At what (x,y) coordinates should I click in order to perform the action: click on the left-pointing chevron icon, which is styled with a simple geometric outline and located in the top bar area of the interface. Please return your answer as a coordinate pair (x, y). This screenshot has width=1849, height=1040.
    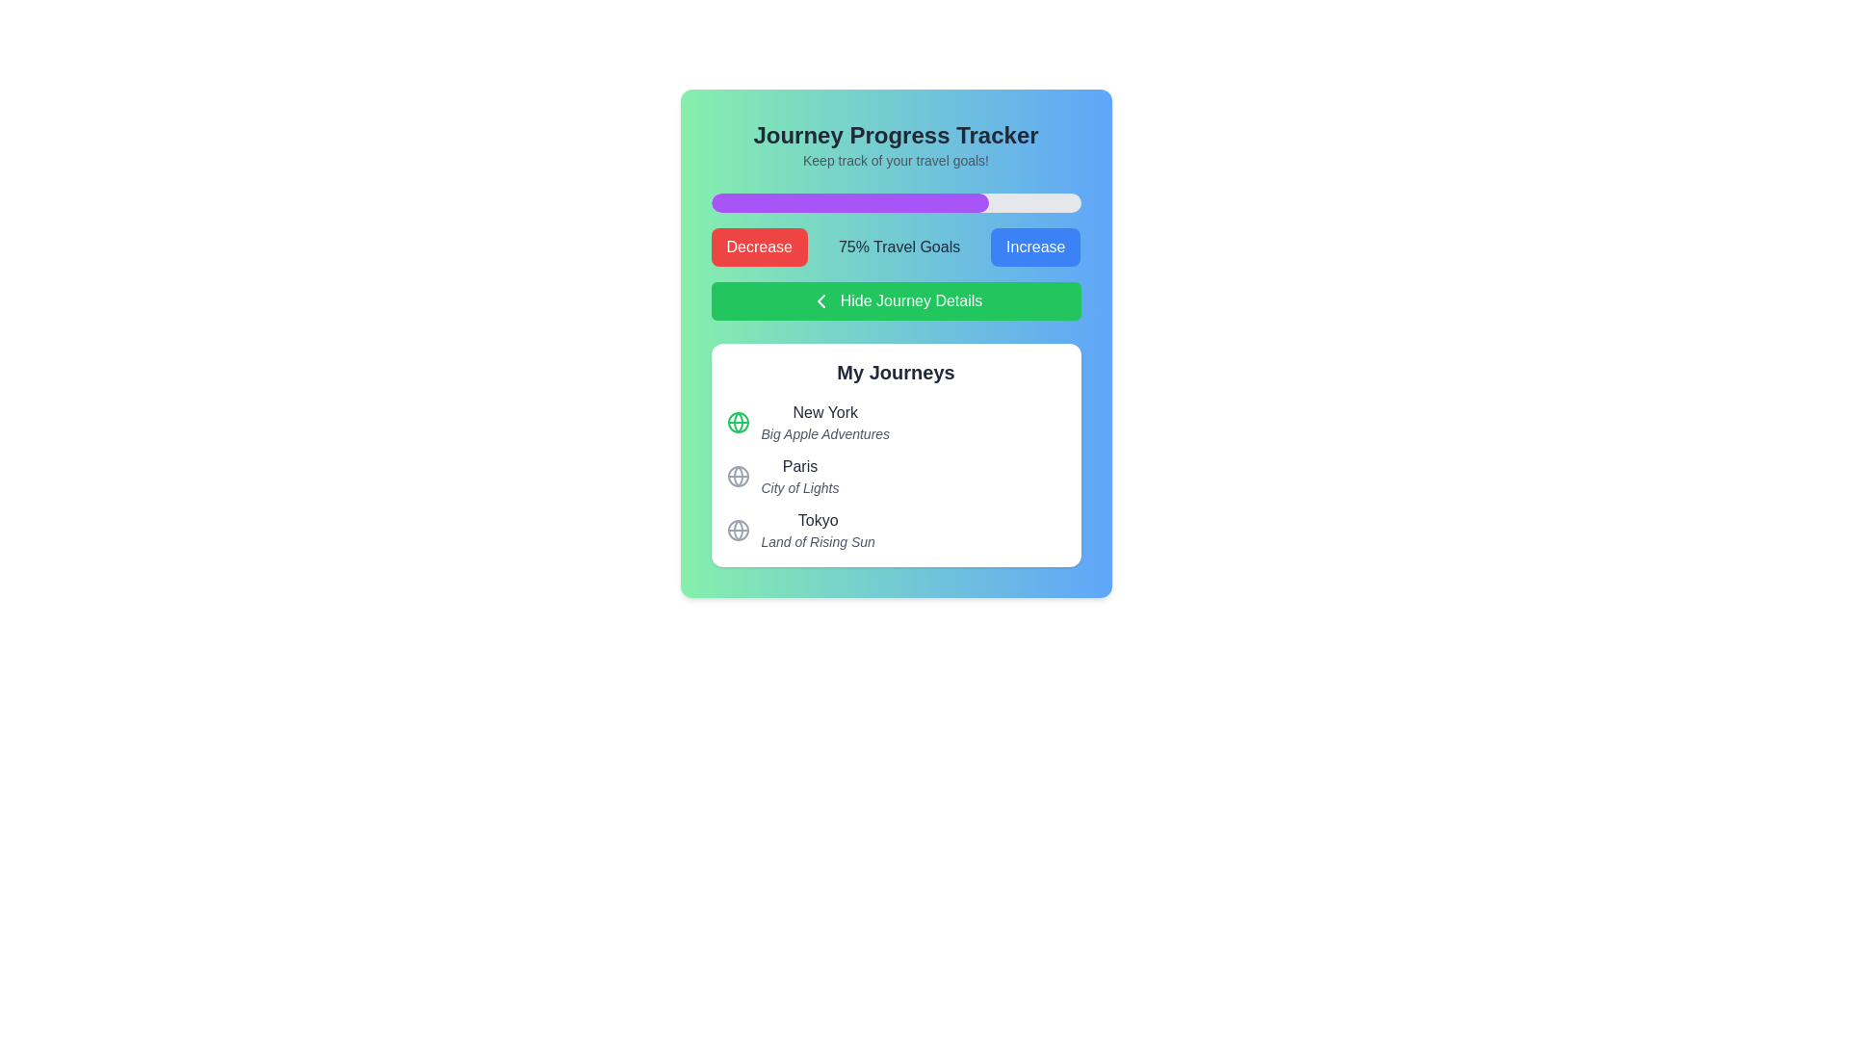
    Looking at the image, I should click on (820, 300).